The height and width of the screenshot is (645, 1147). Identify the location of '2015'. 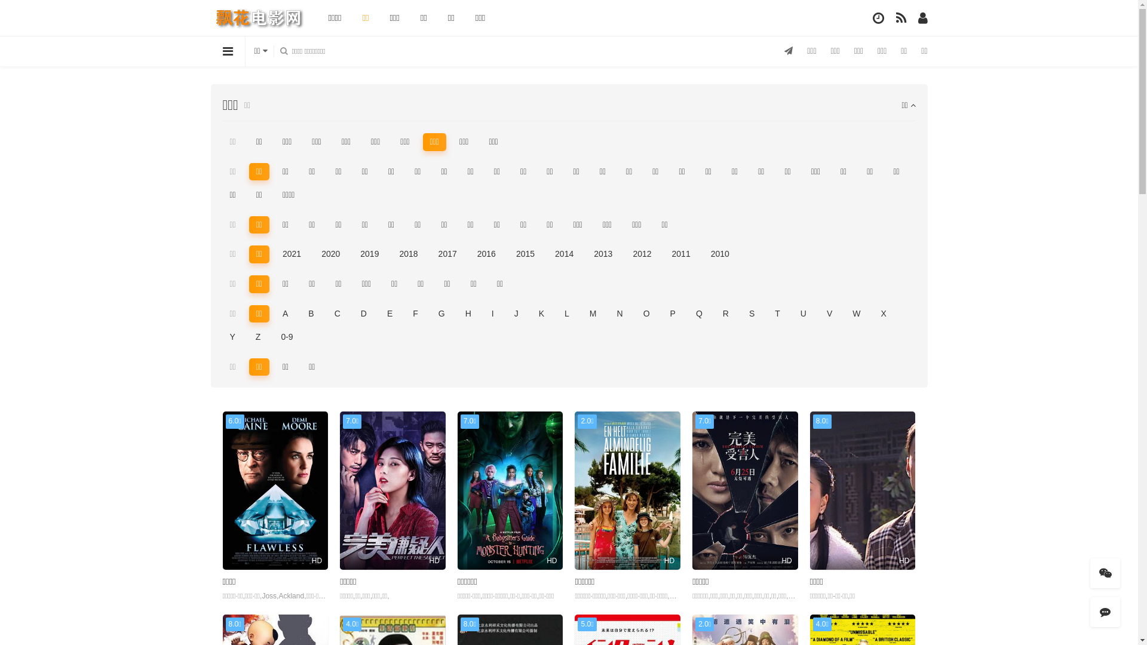
(525, 253).